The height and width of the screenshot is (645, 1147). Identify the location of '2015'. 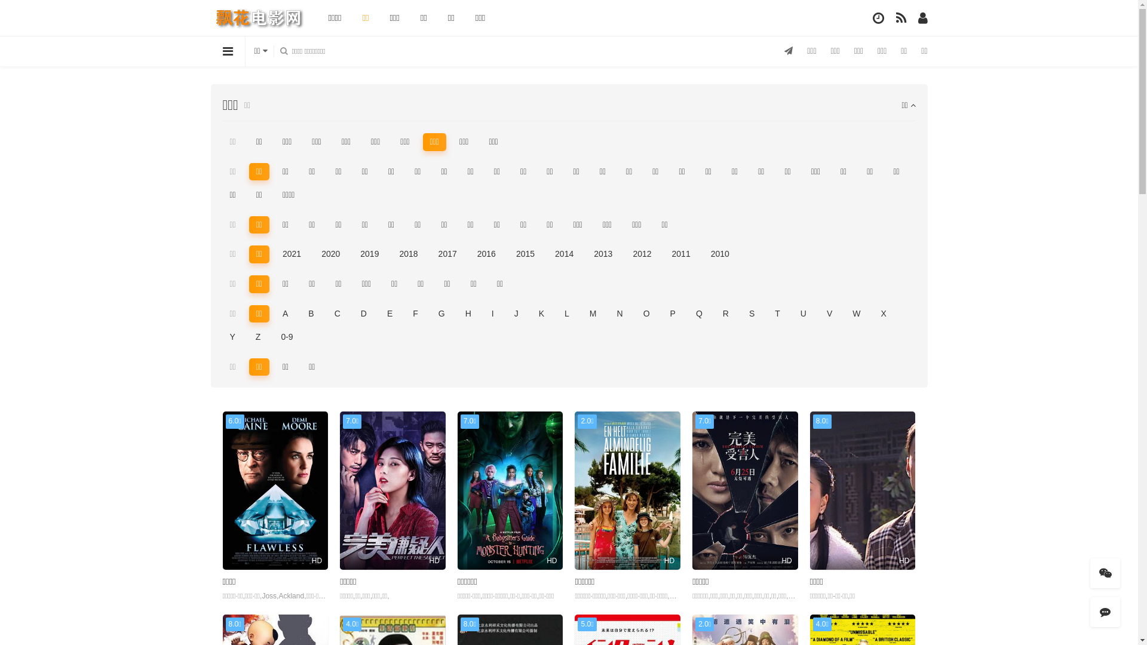
(525, 253).